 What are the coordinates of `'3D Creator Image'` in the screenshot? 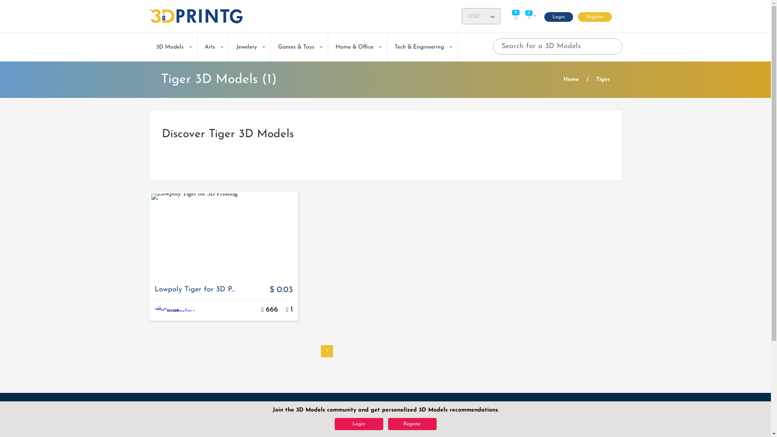 It's located at (159, 310).